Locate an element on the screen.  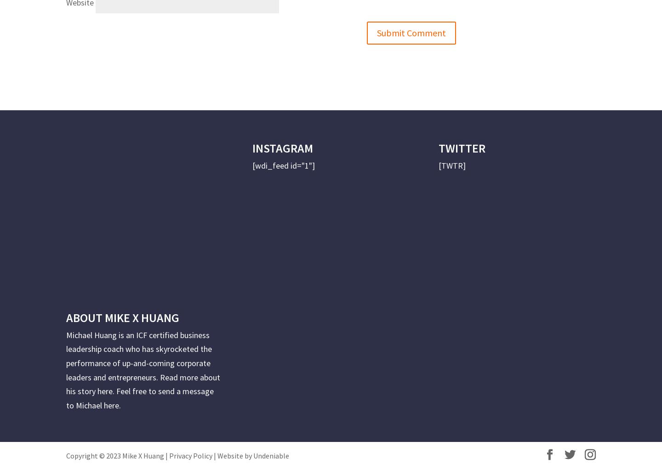
'INSTAGRAM' is located at coordinates (252, 147).